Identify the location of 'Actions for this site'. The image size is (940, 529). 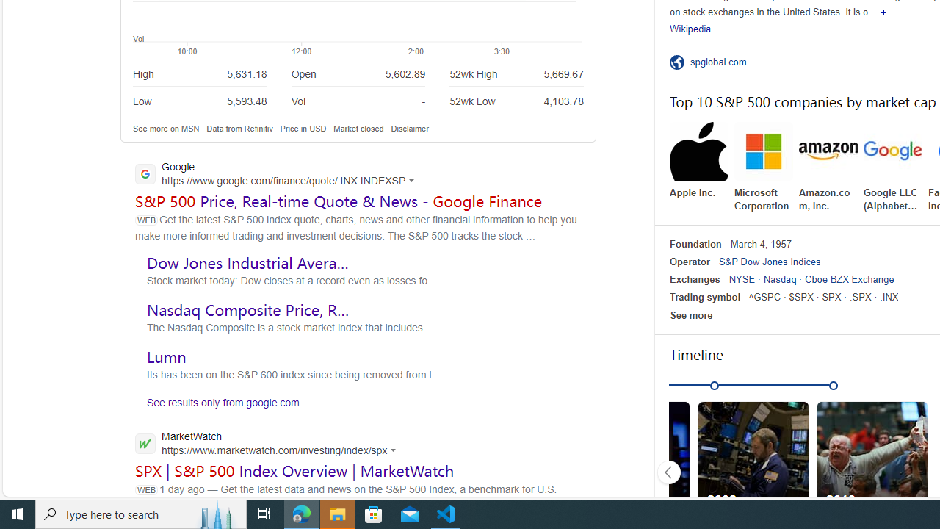
(395, 449).